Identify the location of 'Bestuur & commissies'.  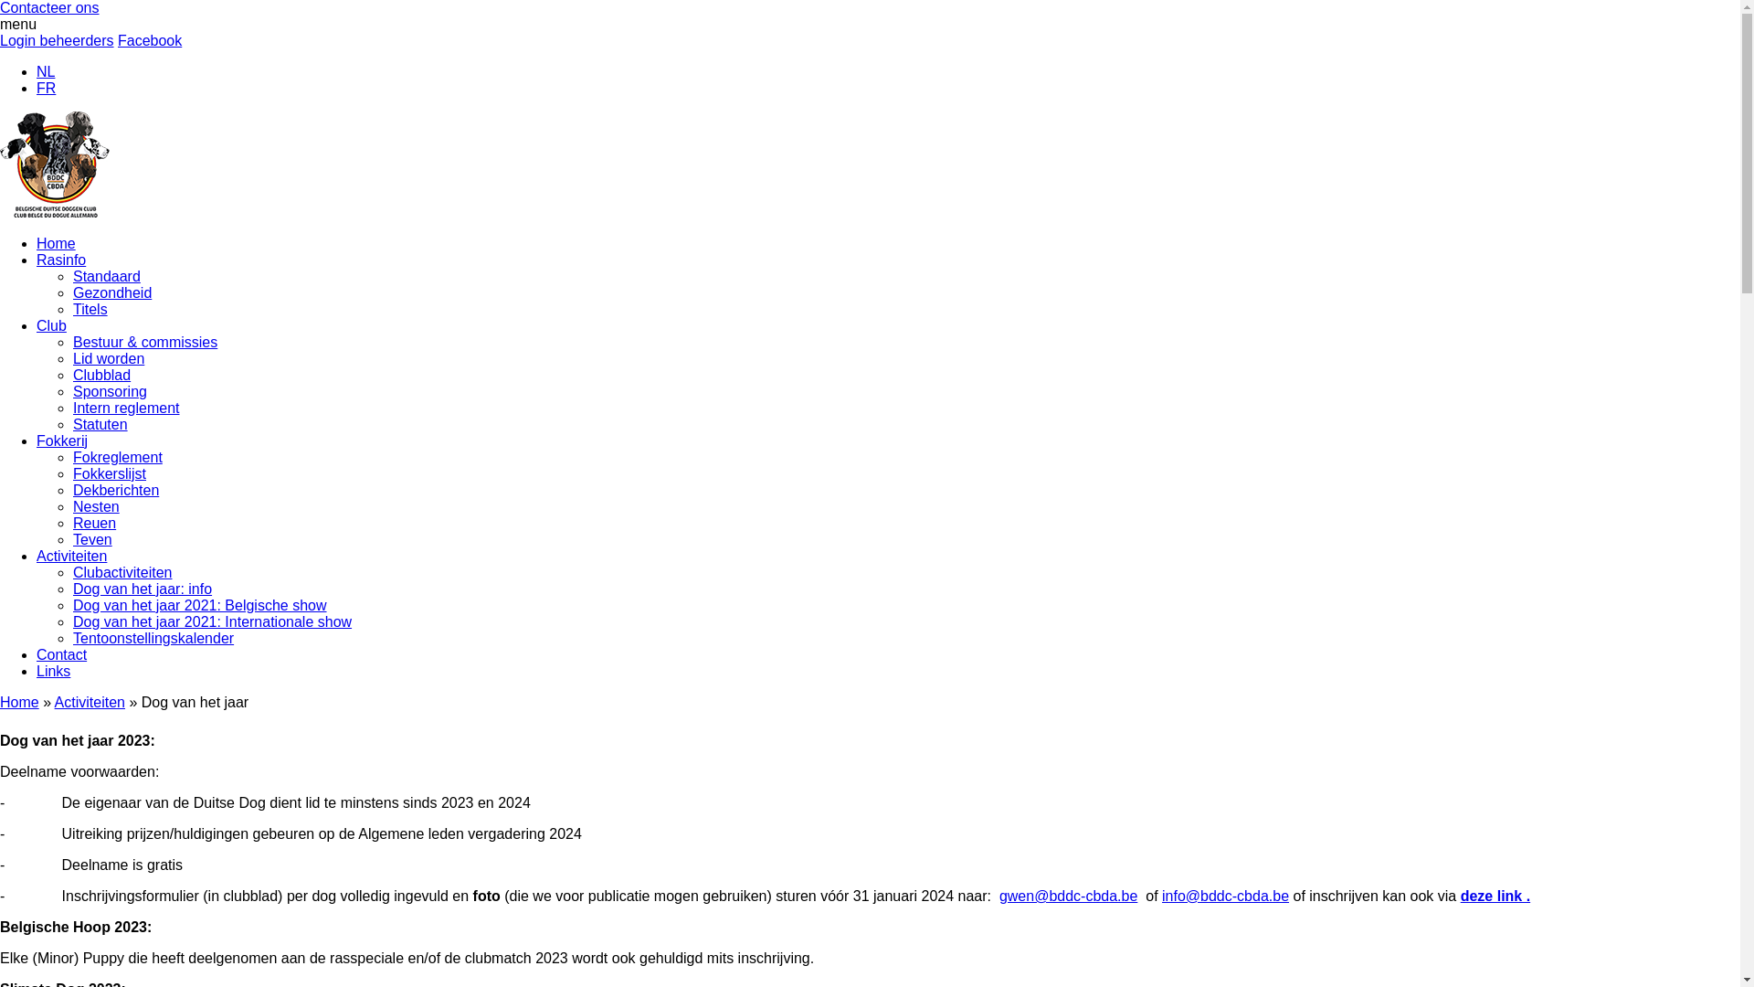
(73, 342).